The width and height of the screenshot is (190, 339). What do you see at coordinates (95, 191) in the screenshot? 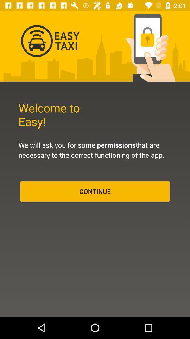
I see `the continue item` at bounding box center [95, 191].